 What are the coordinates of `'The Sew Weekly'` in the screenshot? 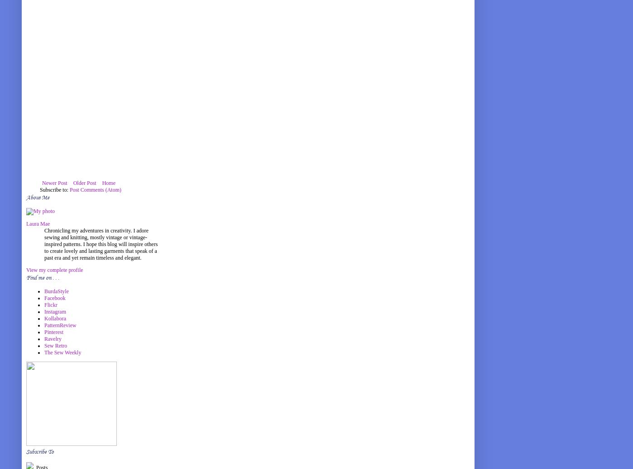 It's located at (44, 352).